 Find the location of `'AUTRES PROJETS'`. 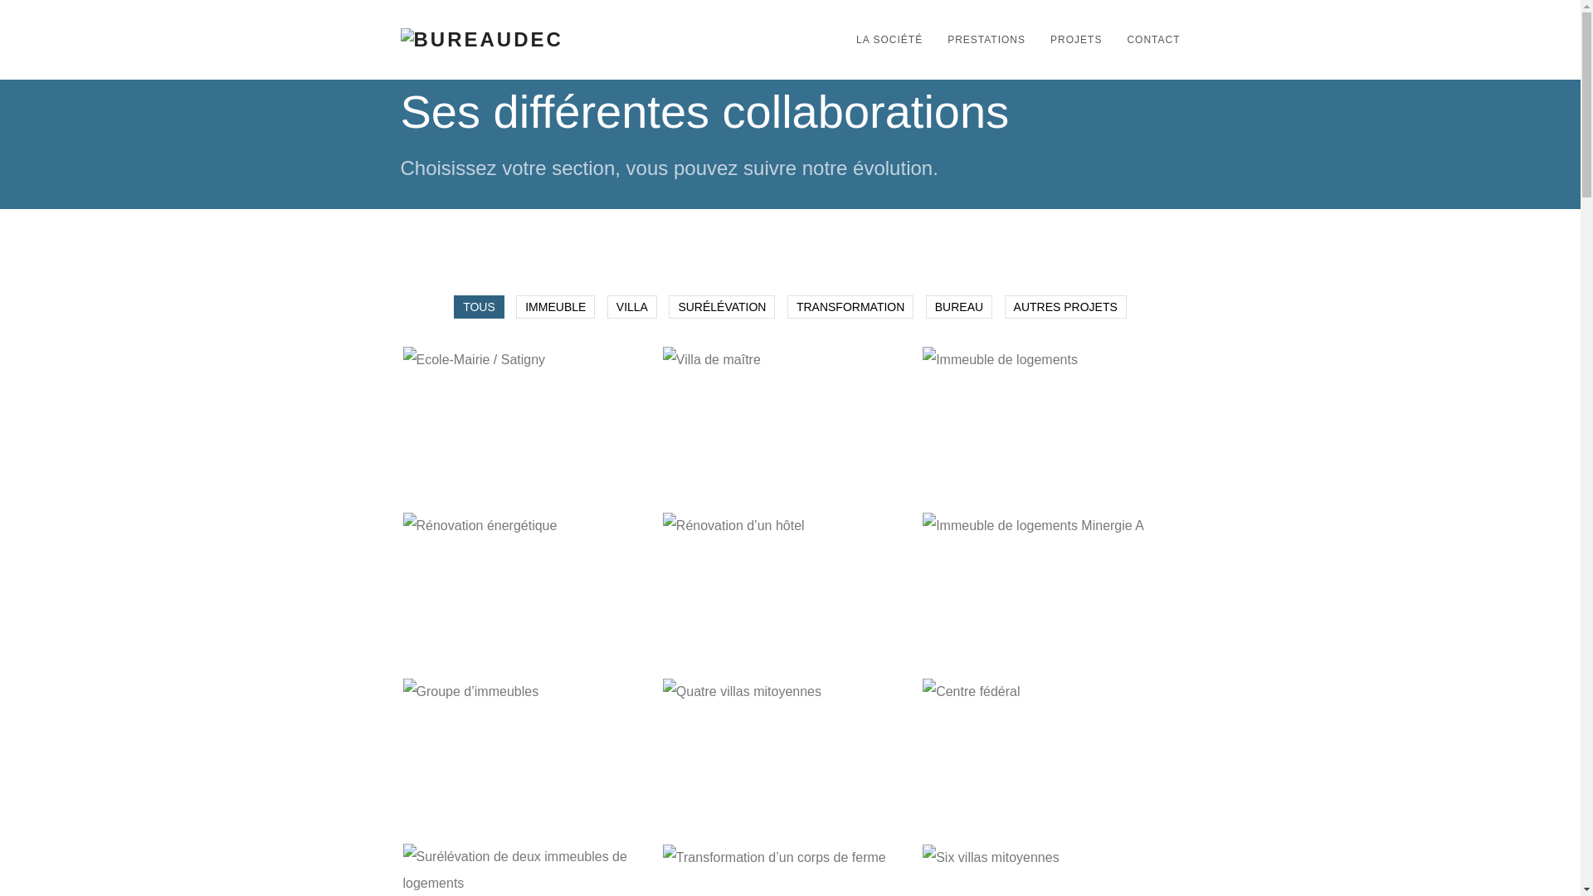

'AUTRES PROJETS' is located at coordinates (1065, 307).